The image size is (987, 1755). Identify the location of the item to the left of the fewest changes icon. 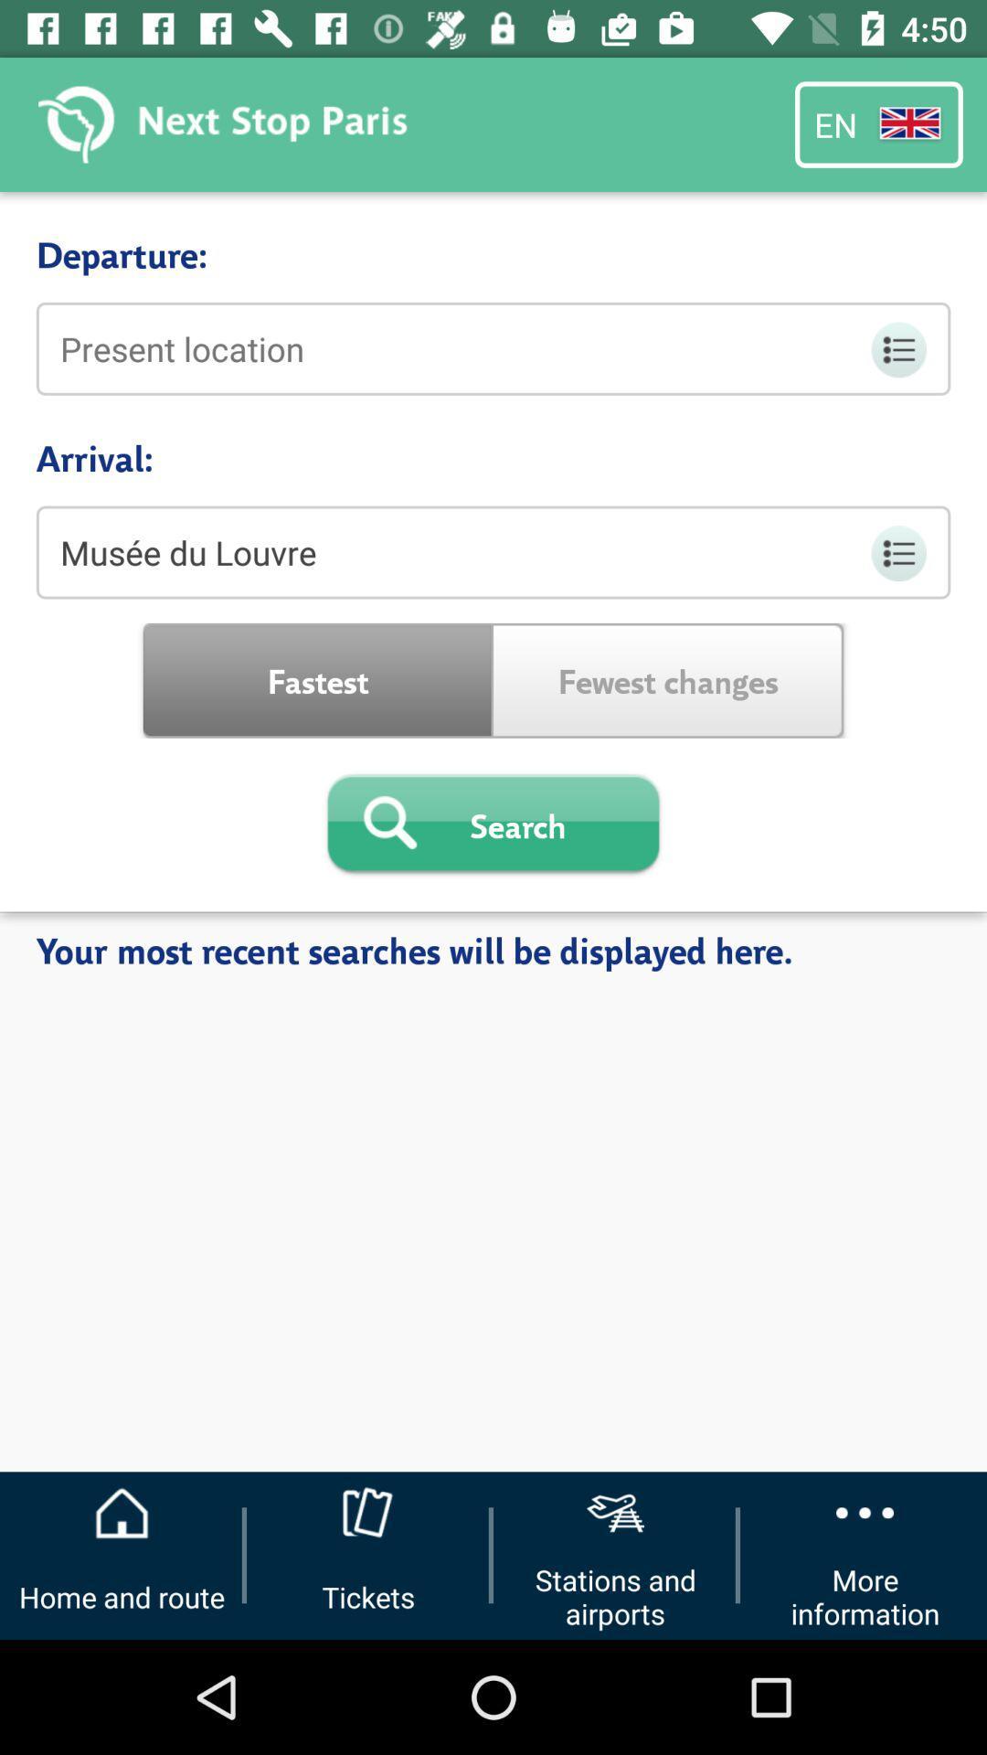
(317, 679).